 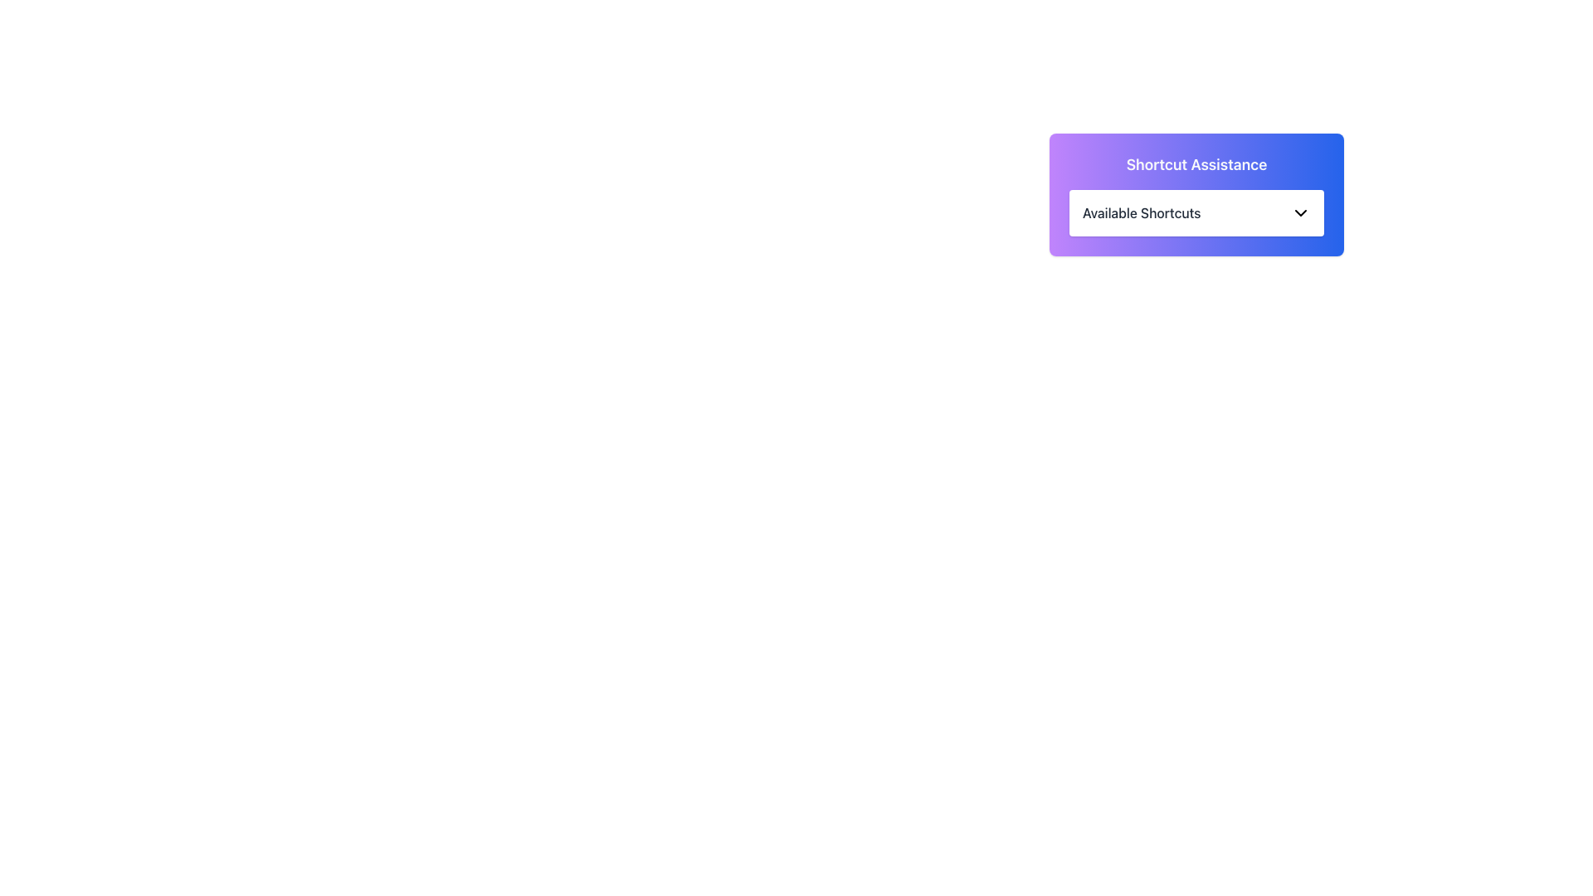 What do you see at coordinates (1196, 212) in the screenshot?
I see `the Dropdown menu trigger label located at the center of the 'Shortcut Assistance' panel` at bounding box center [1196, 212].